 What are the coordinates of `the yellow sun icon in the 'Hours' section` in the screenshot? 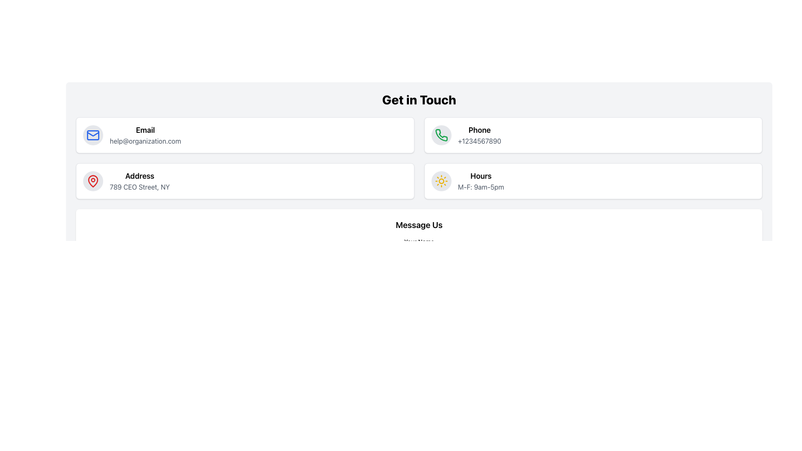 It's located at (441, 181).